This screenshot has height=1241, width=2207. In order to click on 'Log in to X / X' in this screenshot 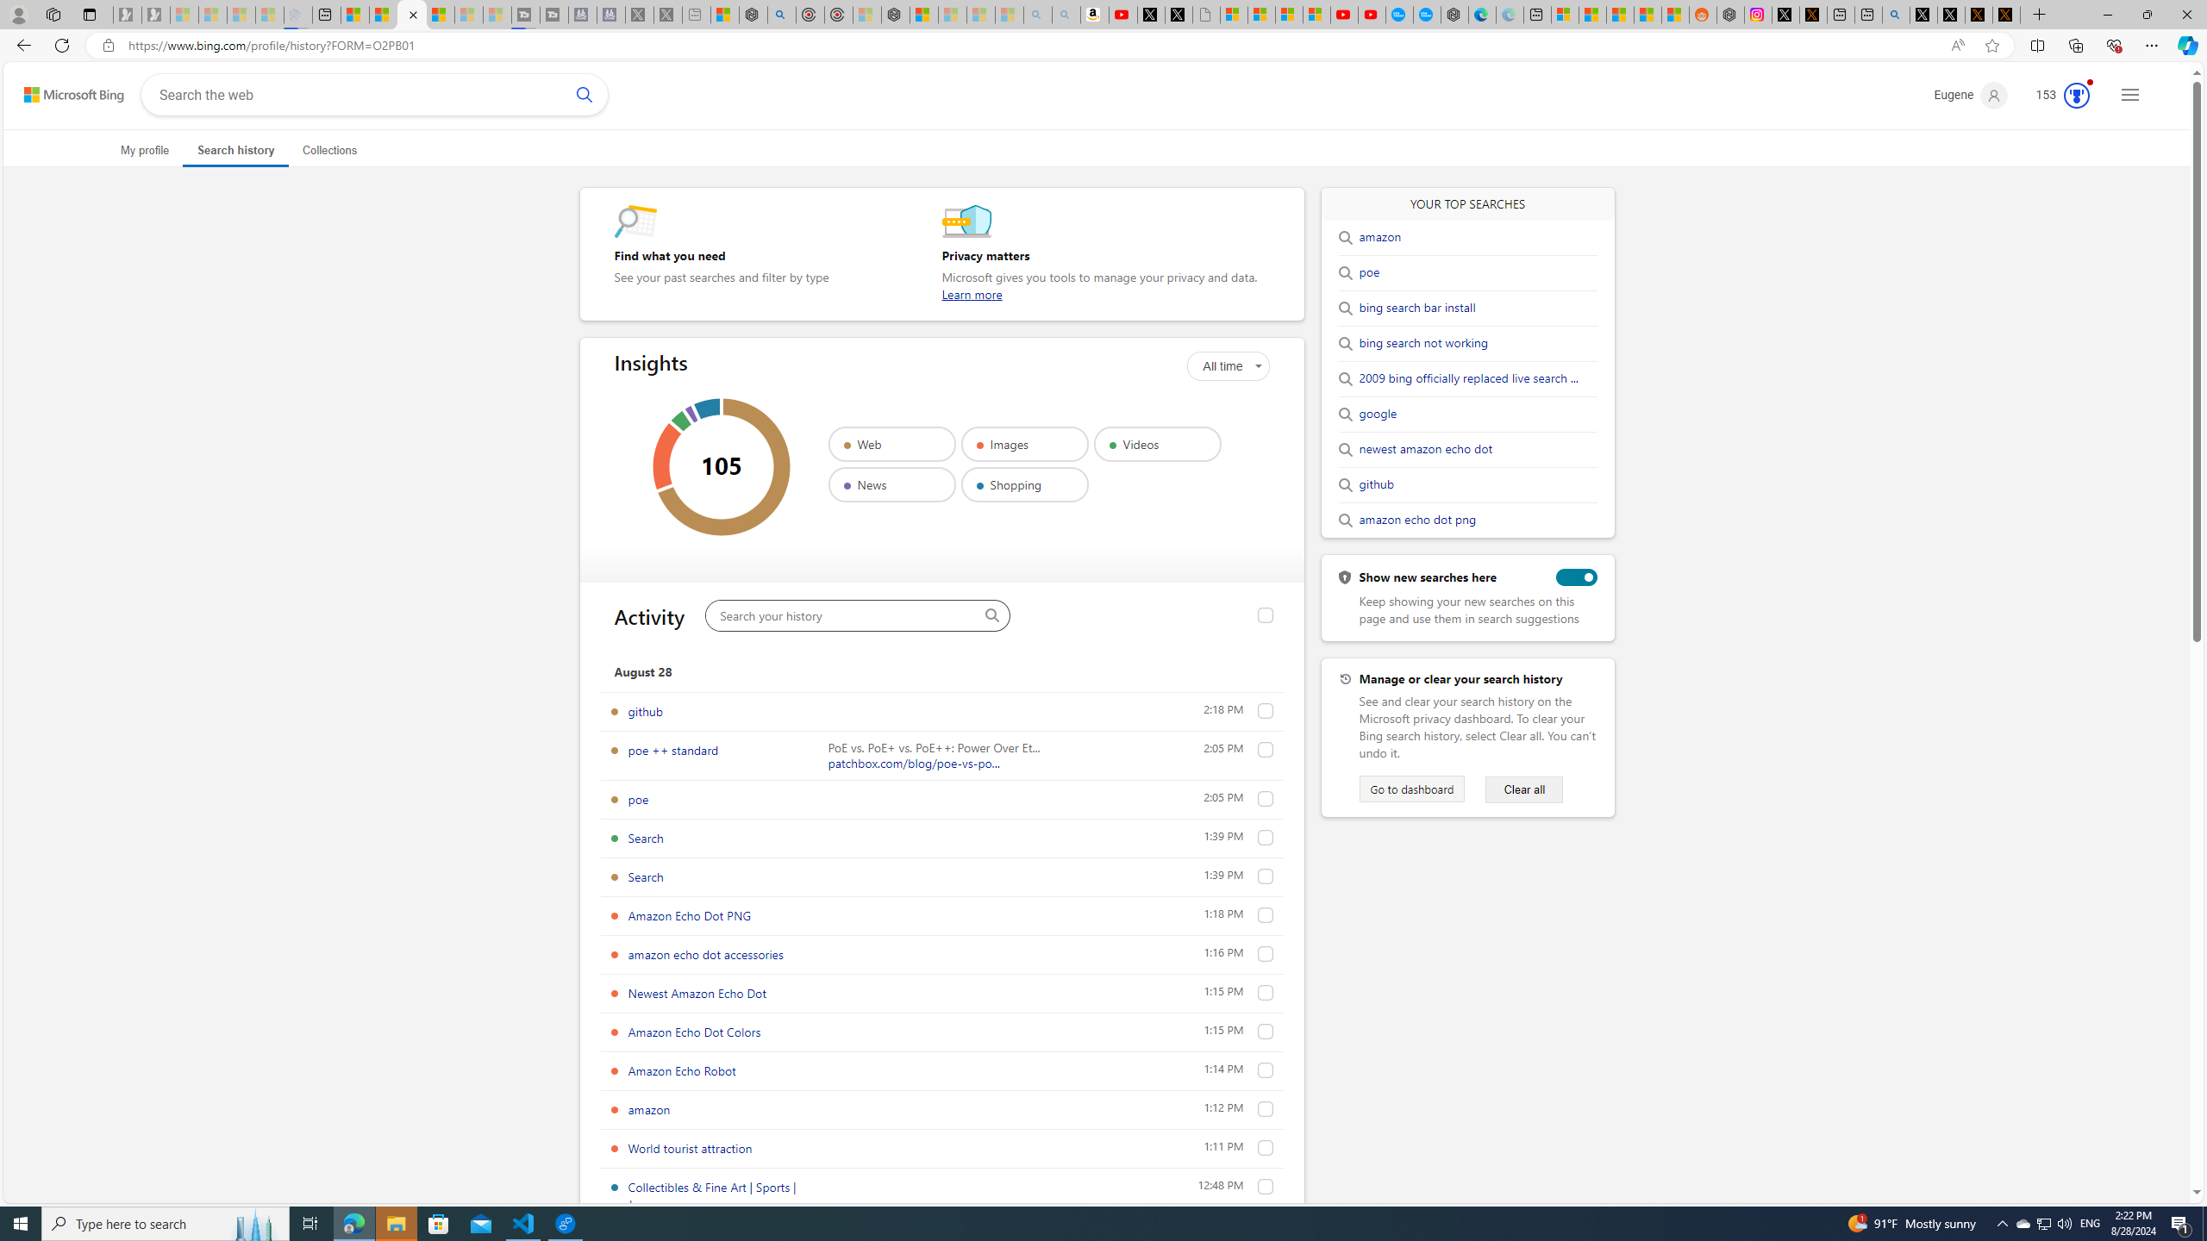, I will do `click(1785, 14)`.